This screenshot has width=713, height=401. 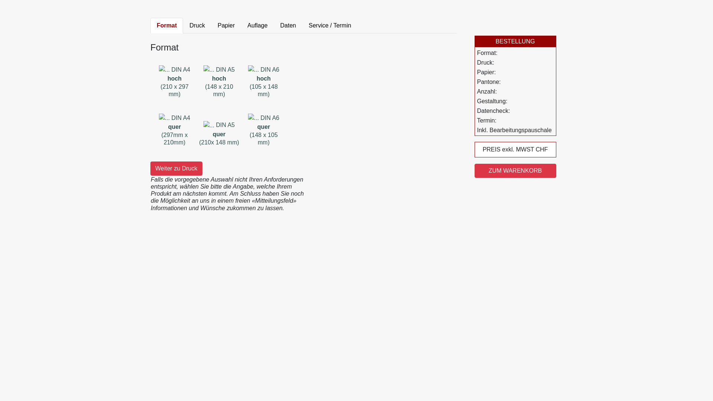 What do you see at coordinates (302, 25) in the screenshot?
I see `'Service / Termin'` at bounding box center [302, 25].